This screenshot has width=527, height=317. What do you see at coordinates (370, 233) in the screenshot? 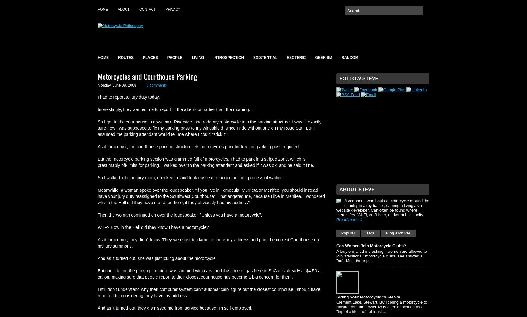
I see `'Tags'` at bounding box center [370, 233].